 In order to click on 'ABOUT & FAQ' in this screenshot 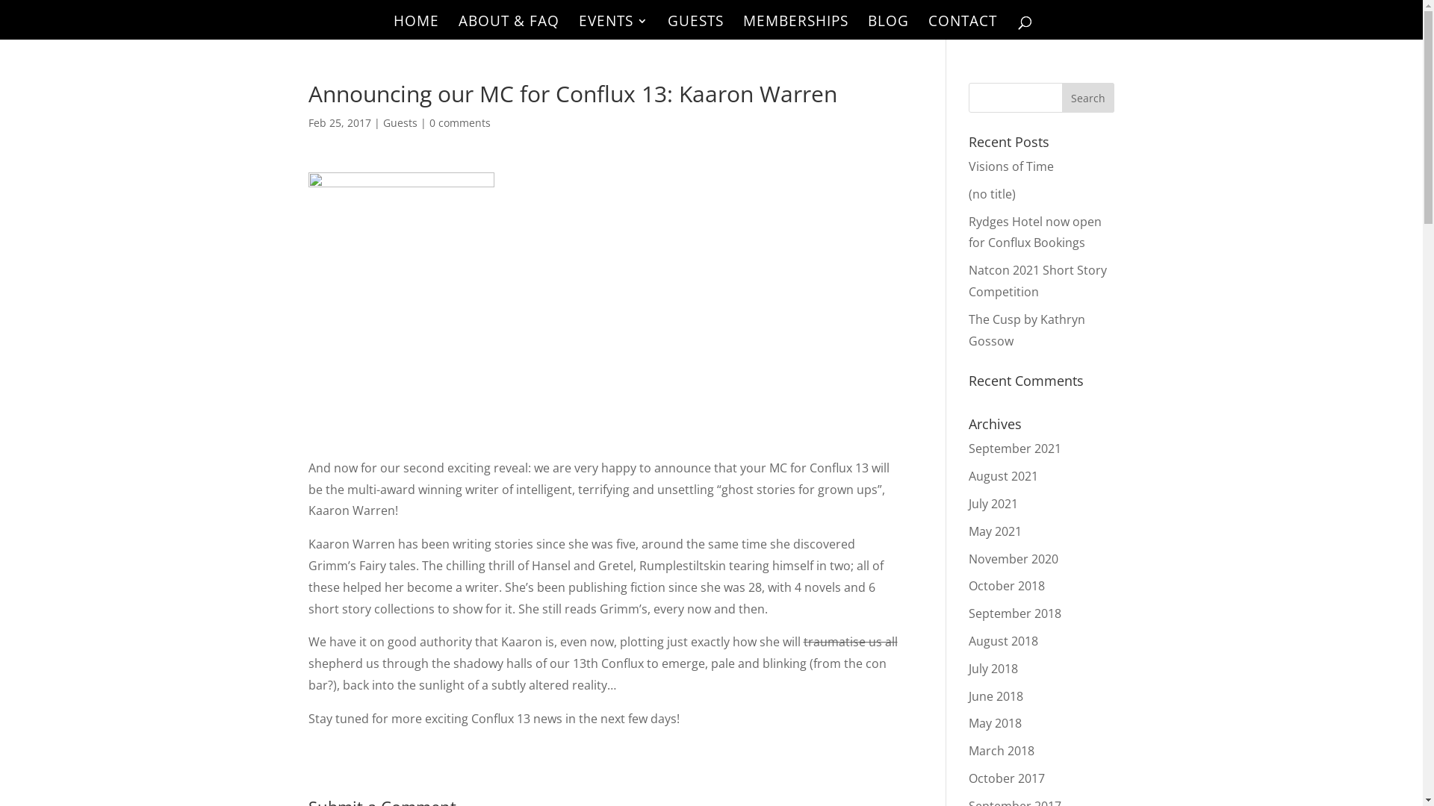, I will do `click(458, 28)`.